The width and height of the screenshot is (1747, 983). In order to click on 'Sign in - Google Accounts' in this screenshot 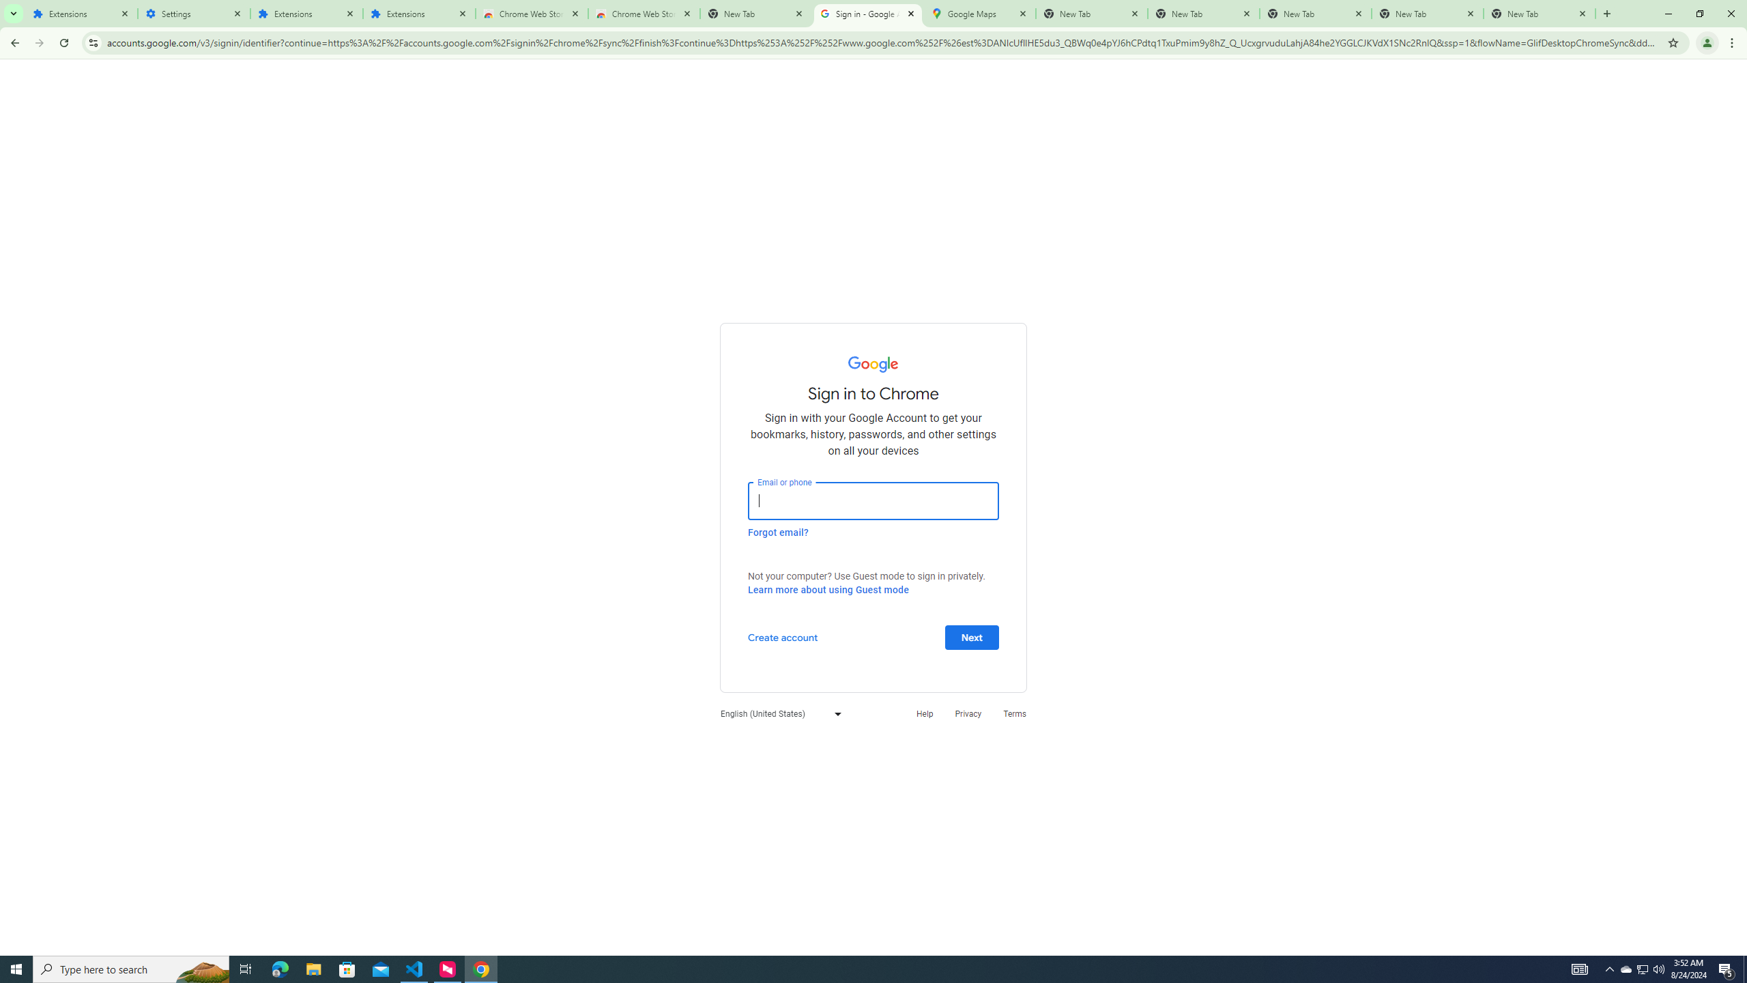, I will do `click(867, 13)`.